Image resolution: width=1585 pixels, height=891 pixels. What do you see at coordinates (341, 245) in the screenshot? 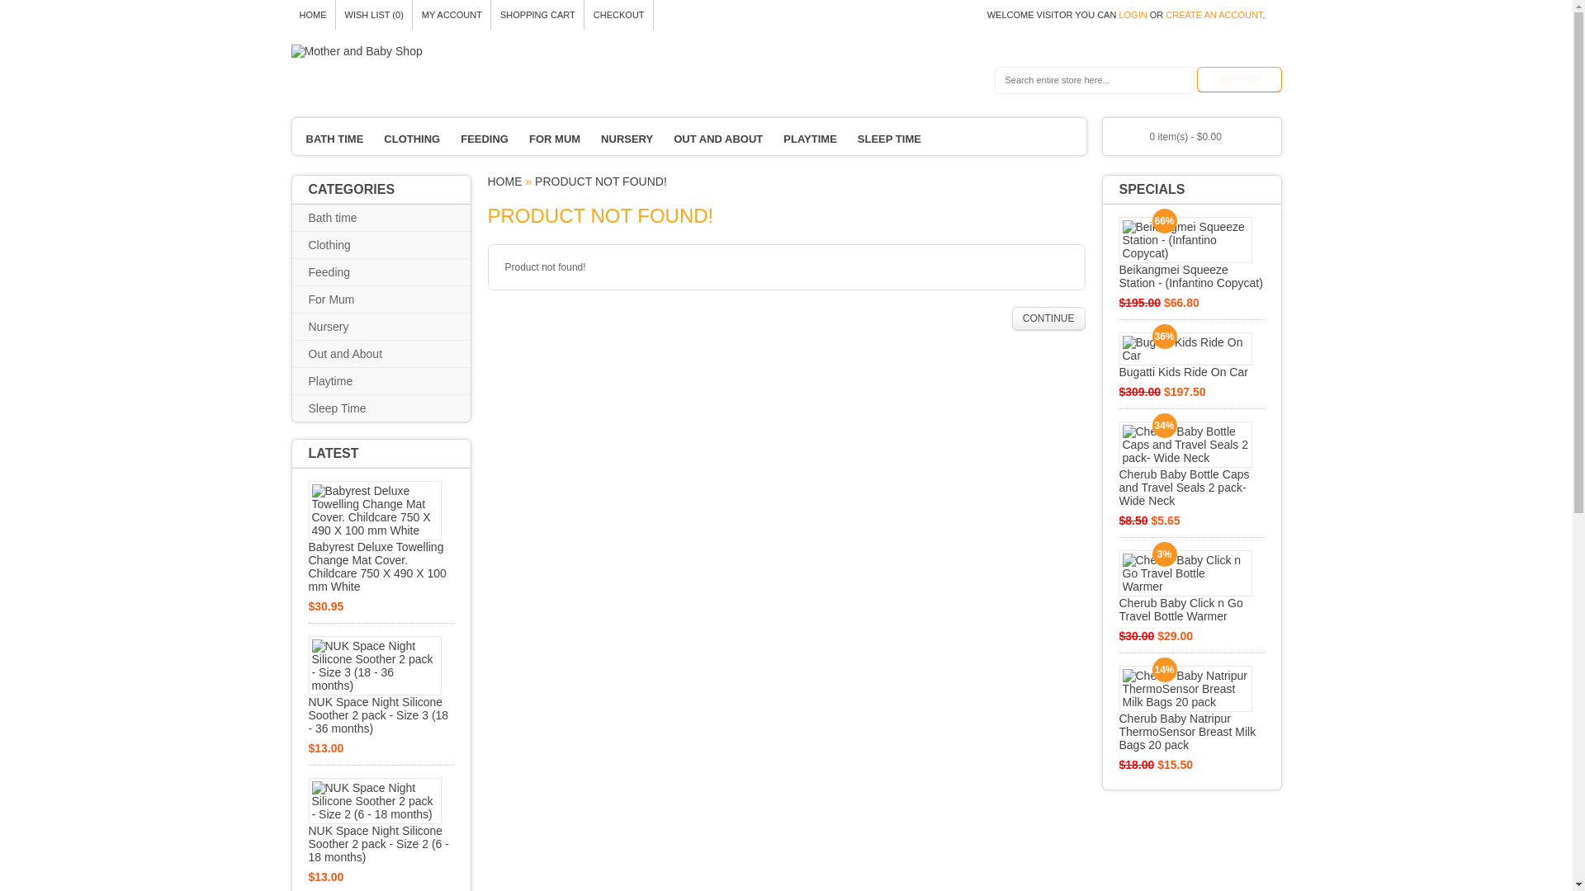
I see `'Clothing'` at bounding box center [341, 245].